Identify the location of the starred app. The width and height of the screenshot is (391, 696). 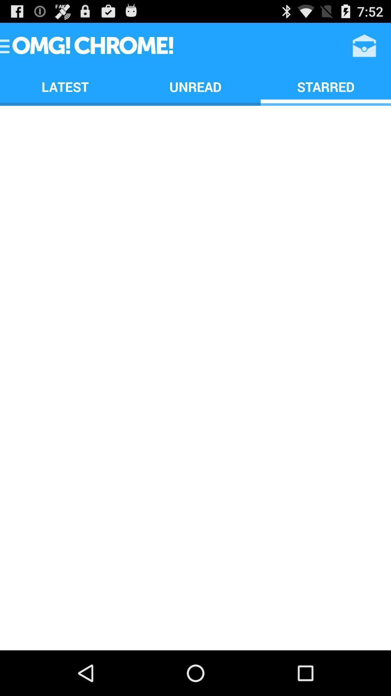
(325, 87).